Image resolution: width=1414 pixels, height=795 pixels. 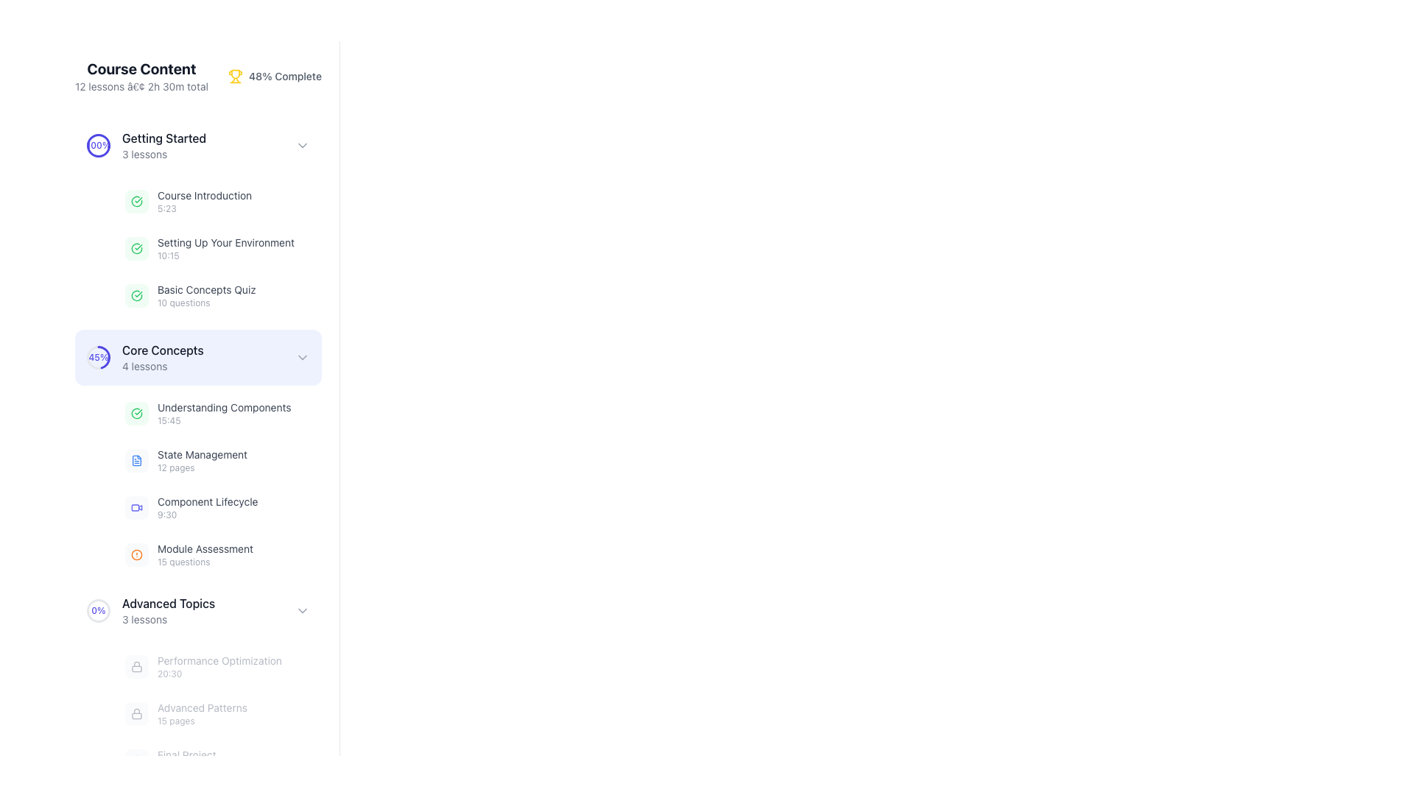 I want to click on text display indicating the number of questions associated with the 'Basic Concepts Quiz' item, located below the 'Basic Concepts Quiz' text in the course content list under 'Getting Started.', so click(x=205, y=303).